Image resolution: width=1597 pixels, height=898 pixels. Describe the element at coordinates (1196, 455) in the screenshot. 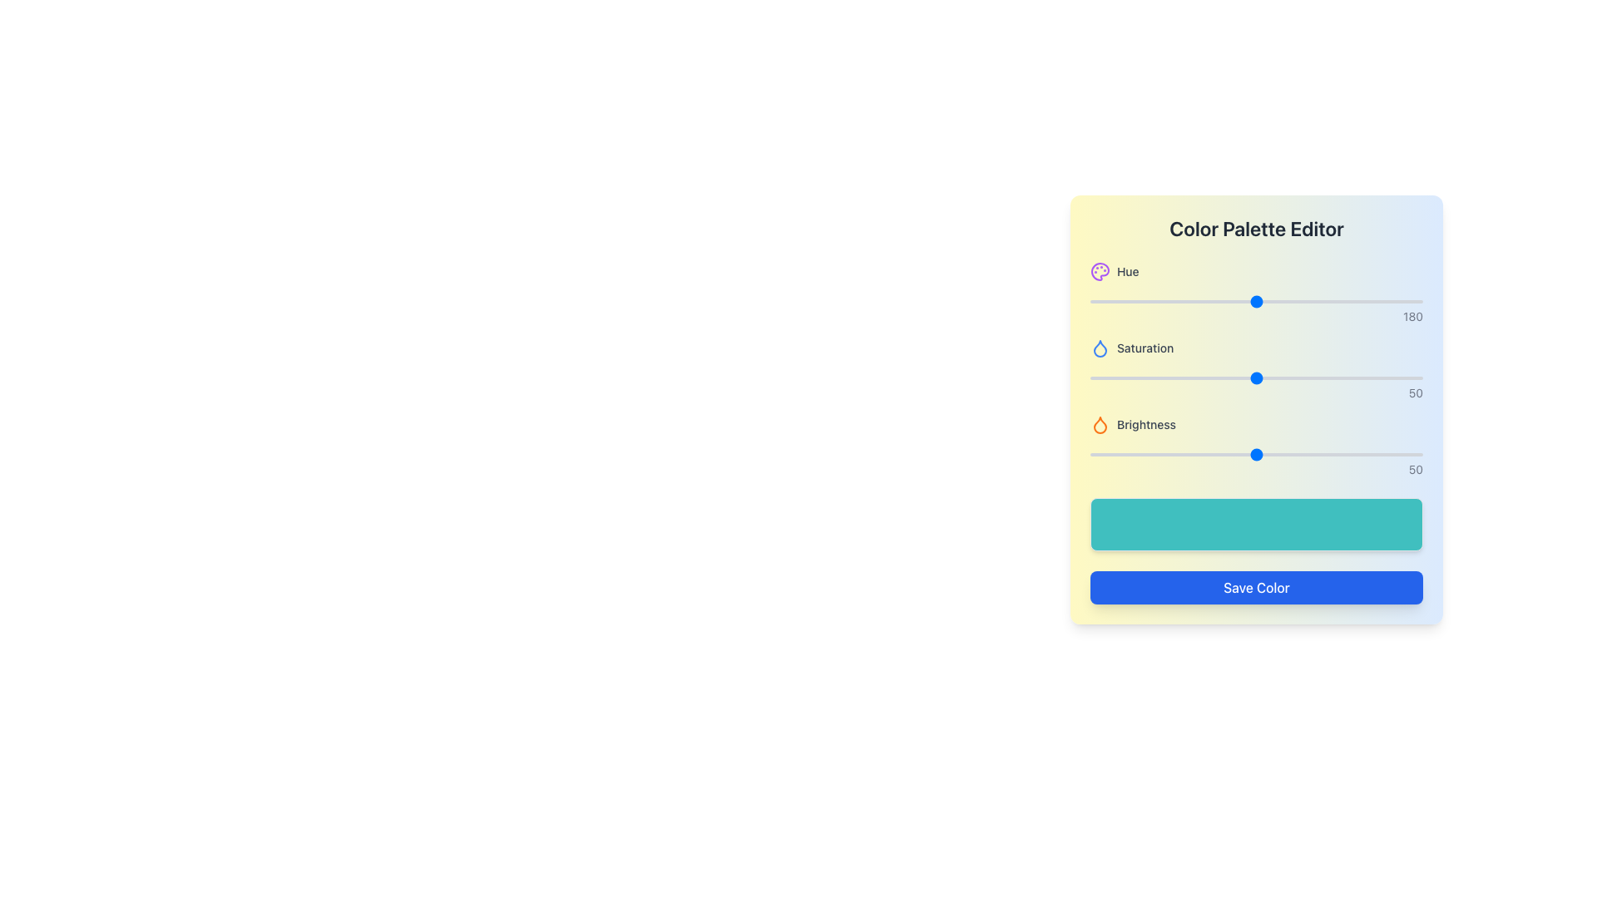

I see `brightness` at that location.